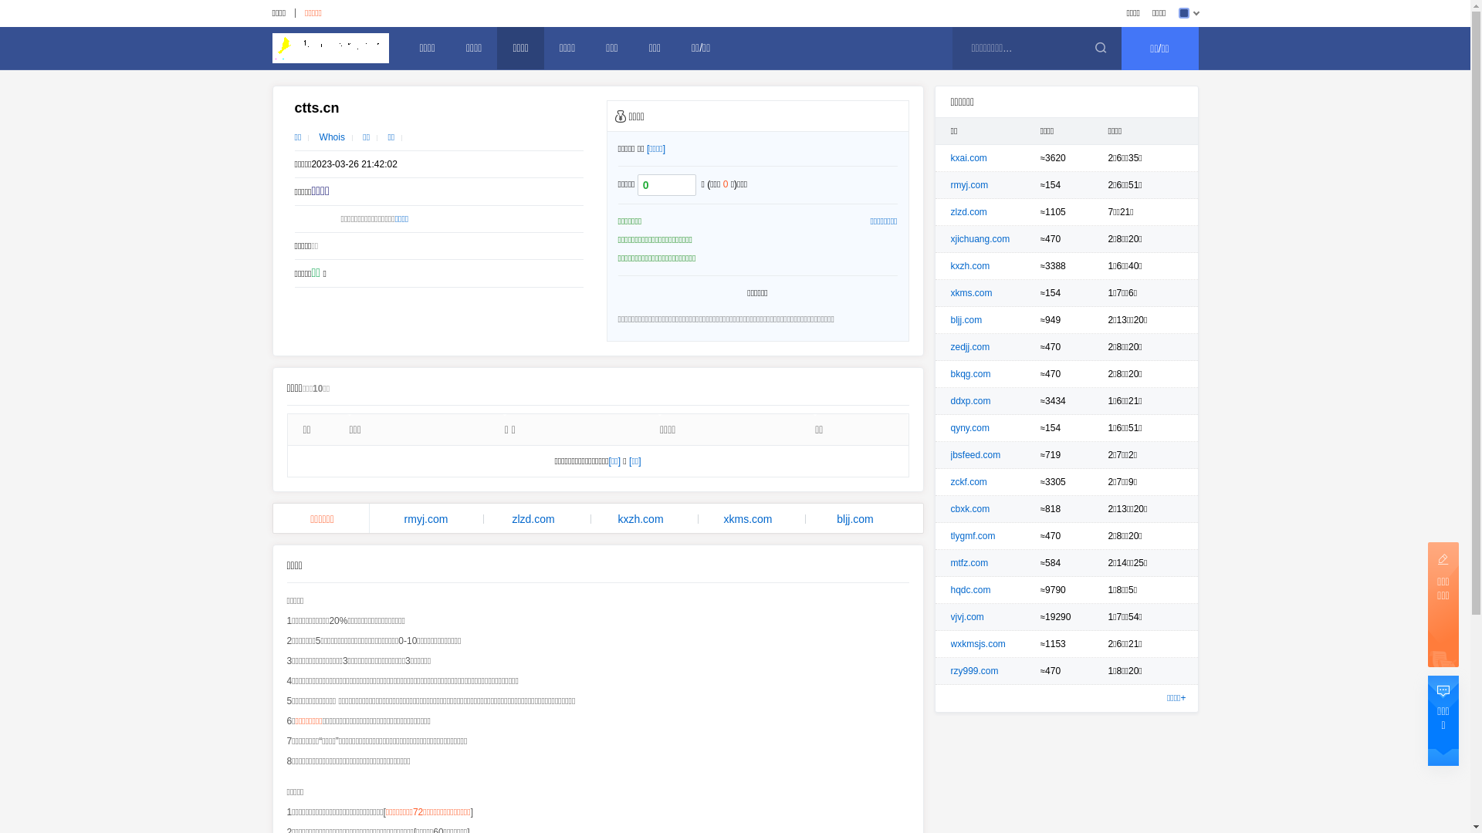 The width and height of the screenshot is (1482, 833). What do you see at coordinates (968, 481) in the screenshot?
I see `'zckf.com'` at bounding box center [968, 481].